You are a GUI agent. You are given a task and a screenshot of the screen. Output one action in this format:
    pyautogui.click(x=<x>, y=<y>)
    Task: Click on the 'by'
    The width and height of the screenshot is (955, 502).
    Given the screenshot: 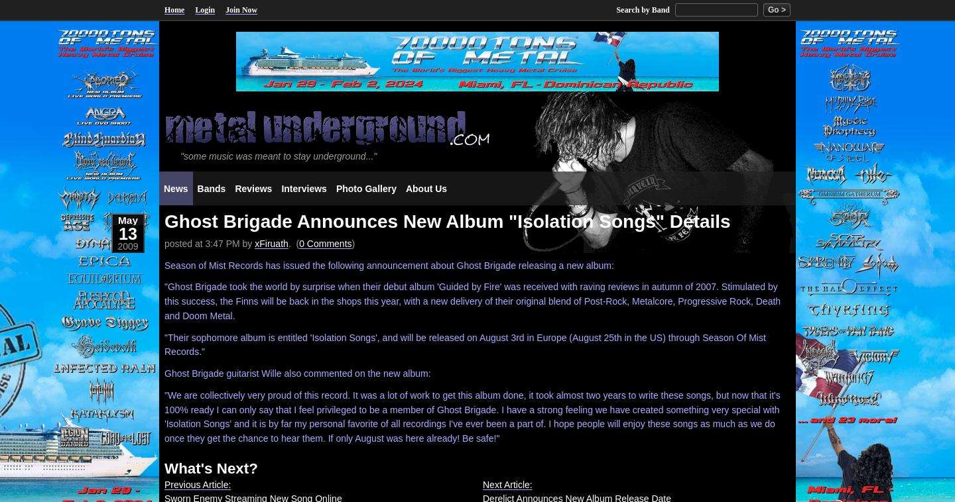 What is the action you would take?
    pyautogui.click(x=246, y=243)
    